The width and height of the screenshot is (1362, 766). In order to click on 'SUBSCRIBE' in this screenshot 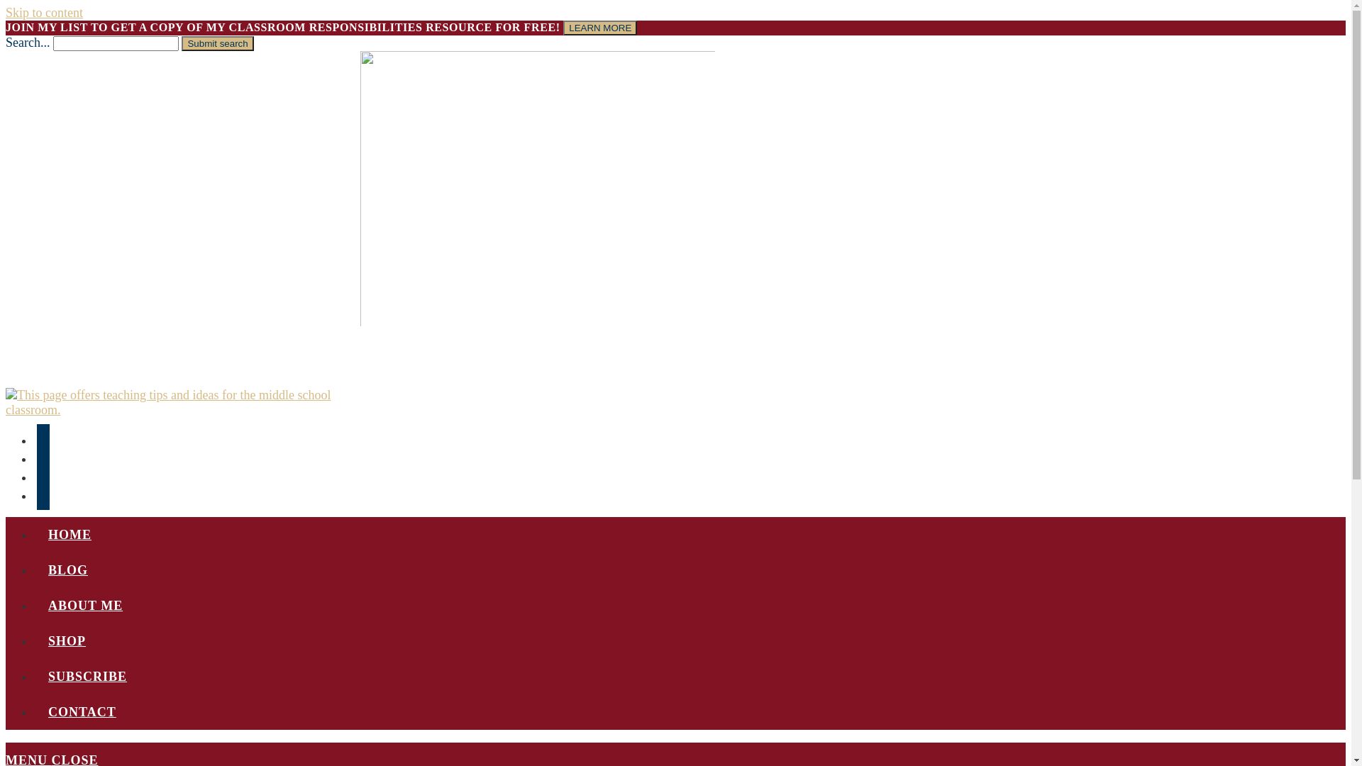, I will do `click(87, 675)`.